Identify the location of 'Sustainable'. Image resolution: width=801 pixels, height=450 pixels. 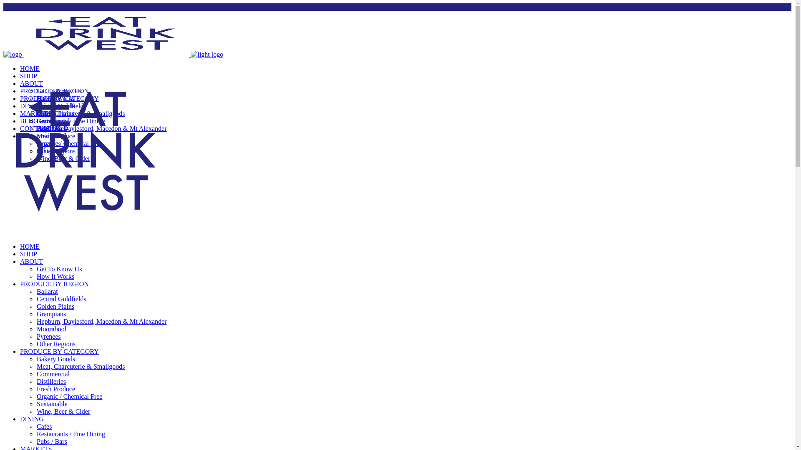
(36, 403).